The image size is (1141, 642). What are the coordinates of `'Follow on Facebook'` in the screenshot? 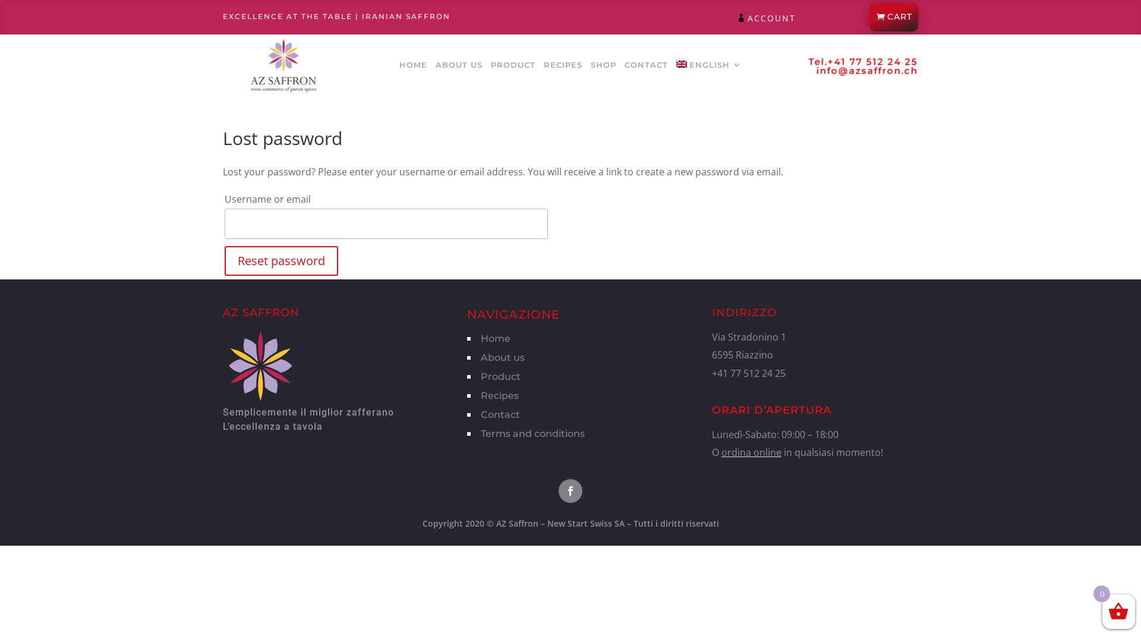 It's located at (570, 490).